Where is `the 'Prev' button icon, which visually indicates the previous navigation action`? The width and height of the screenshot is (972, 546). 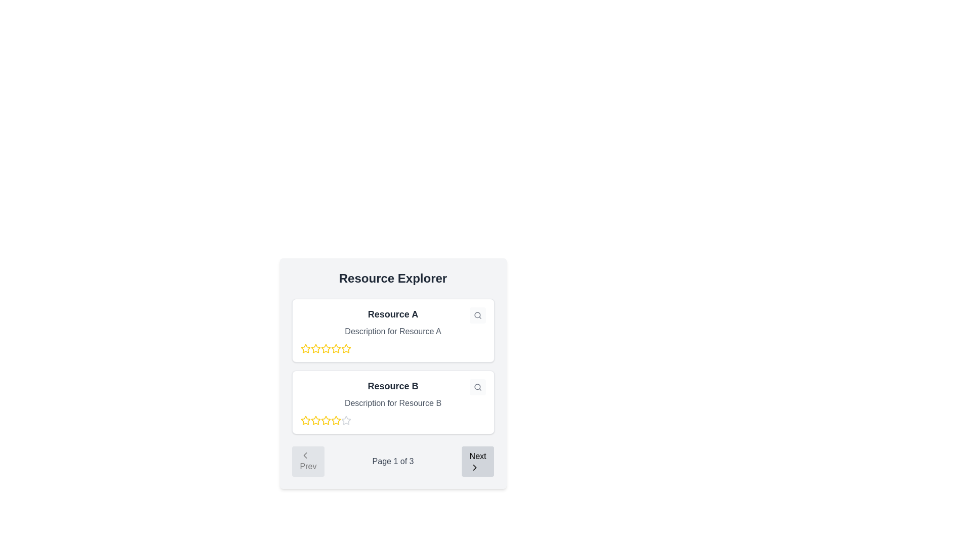 the 'Prev' button icon, which visually indicates the previous navigation action is located at coordinates (304, 456).